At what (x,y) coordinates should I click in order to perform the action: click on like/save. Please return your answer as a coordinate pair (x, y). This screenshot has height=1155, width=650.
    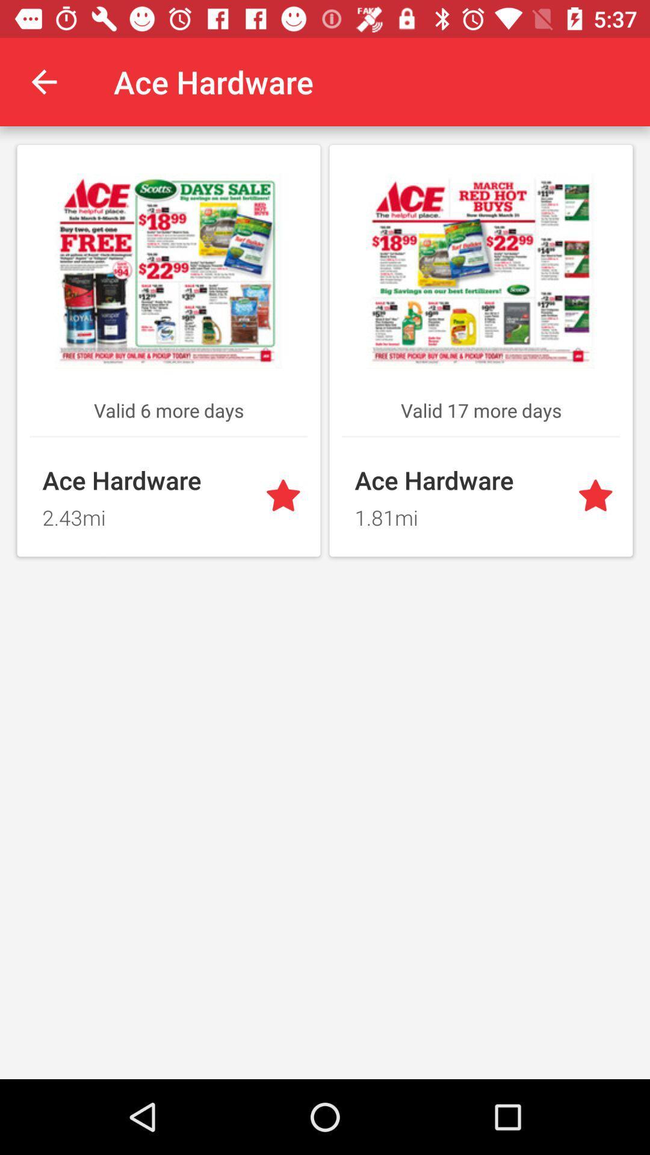
    Looking at the image, I should click on (598, 497).